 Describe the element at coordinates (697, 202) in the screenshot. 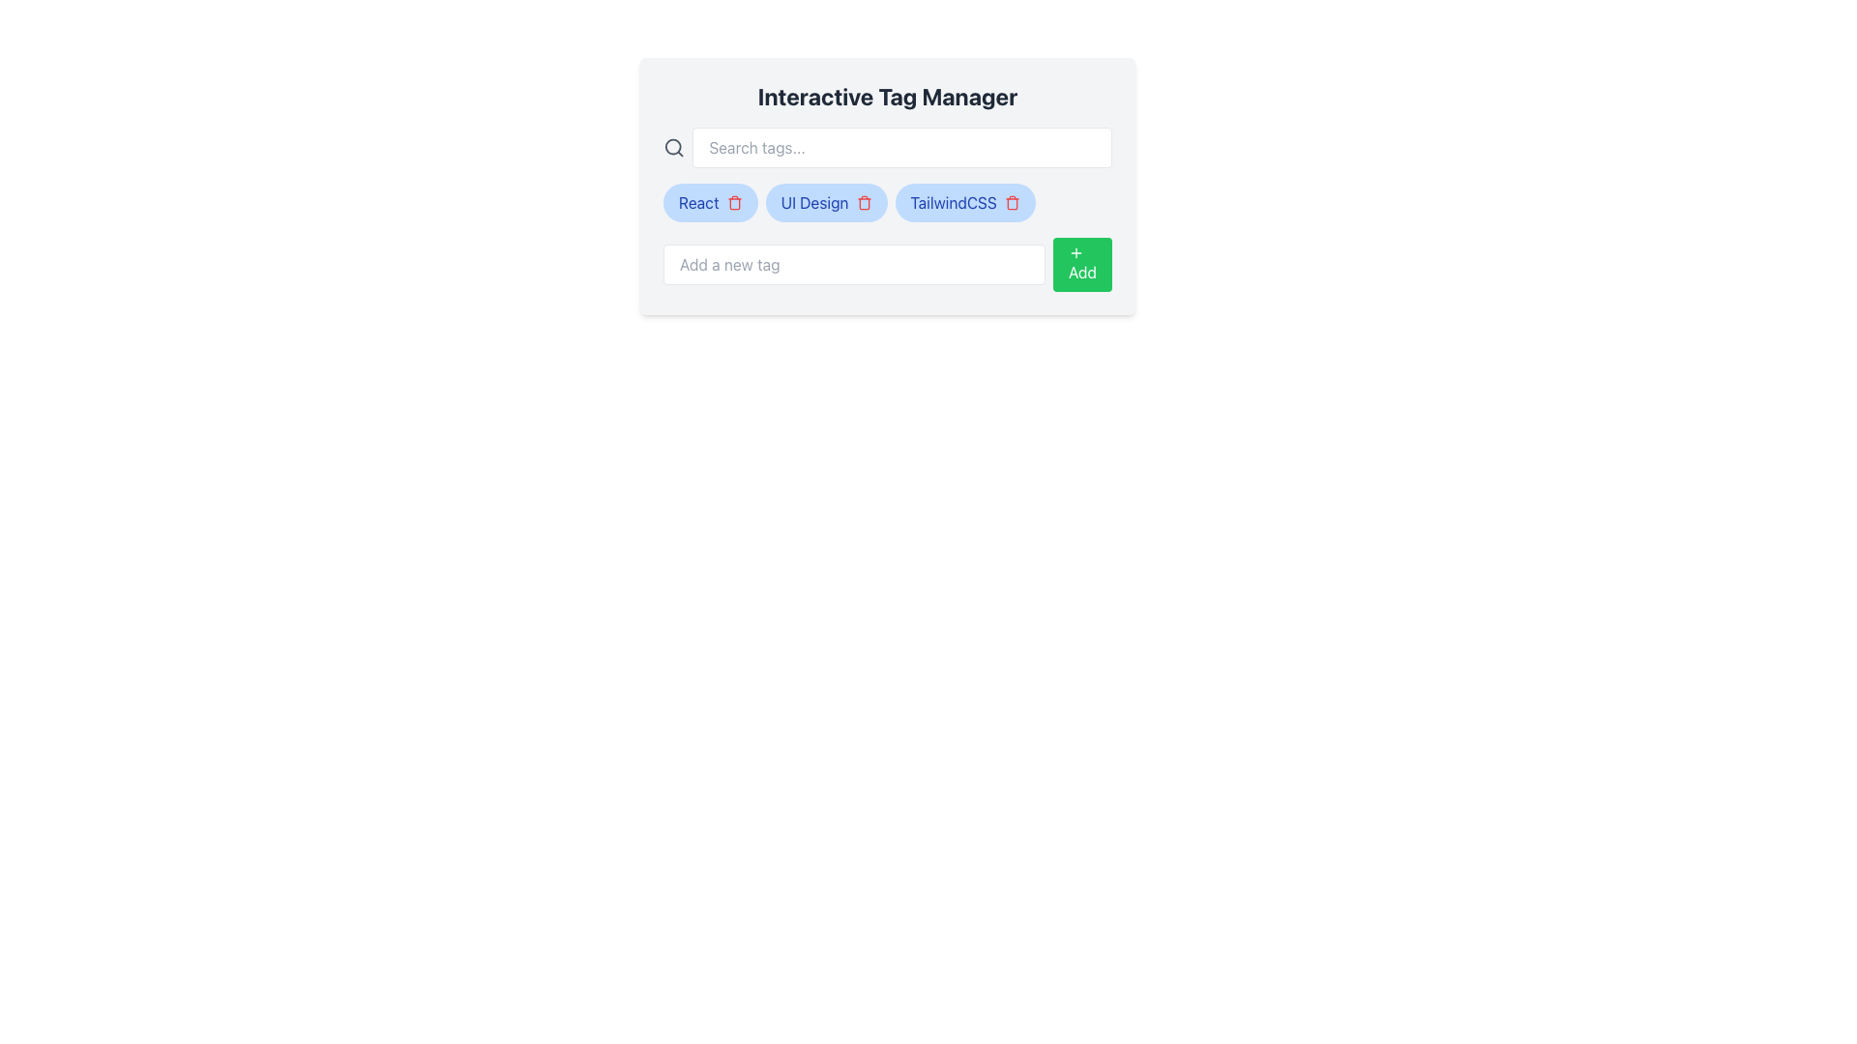

I see `the 'React' text label within the light blue oval-shaped badge, which is the first badge in a row of tags below the header 'Interactive Tag Manager'` at that location.